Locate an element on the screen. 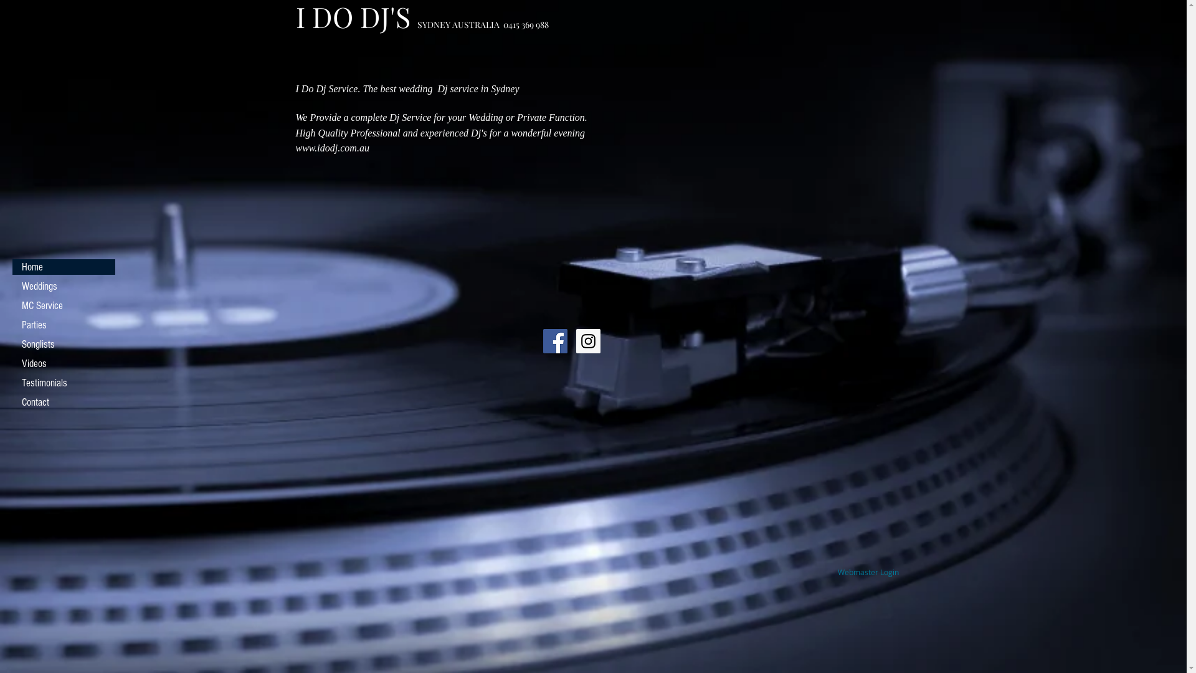  'Webmaster Login' is located at coordinates (868, 572).